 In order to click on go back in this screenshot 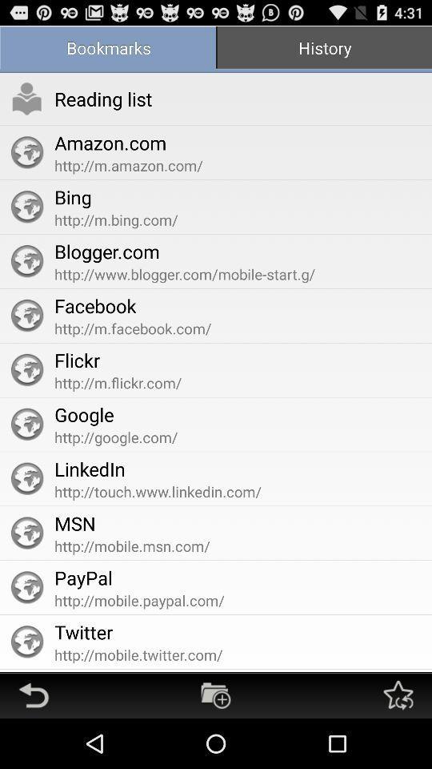, I will do `click(34, 695)`.